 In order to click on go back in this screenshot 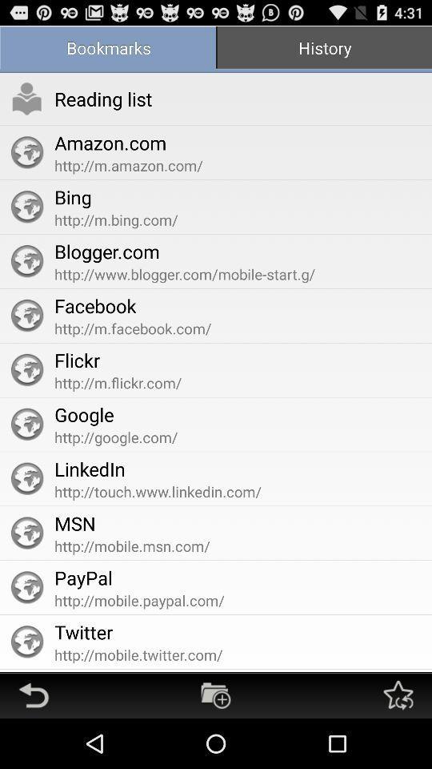, I will do `click(34, 695)`.